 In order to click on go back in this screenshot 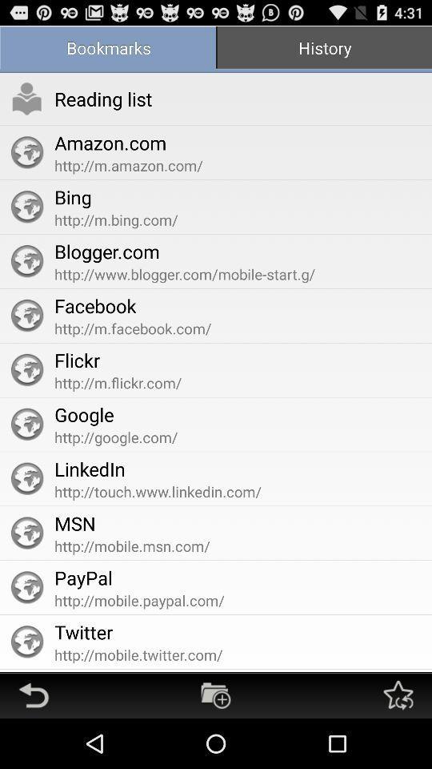, I will do `click(34, 695)`.